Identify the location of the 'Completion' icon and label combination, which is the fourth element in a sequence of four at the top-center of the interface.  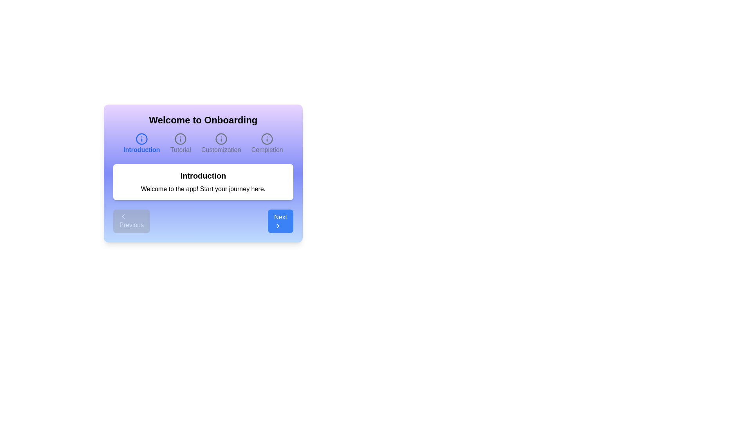
(267, 143).